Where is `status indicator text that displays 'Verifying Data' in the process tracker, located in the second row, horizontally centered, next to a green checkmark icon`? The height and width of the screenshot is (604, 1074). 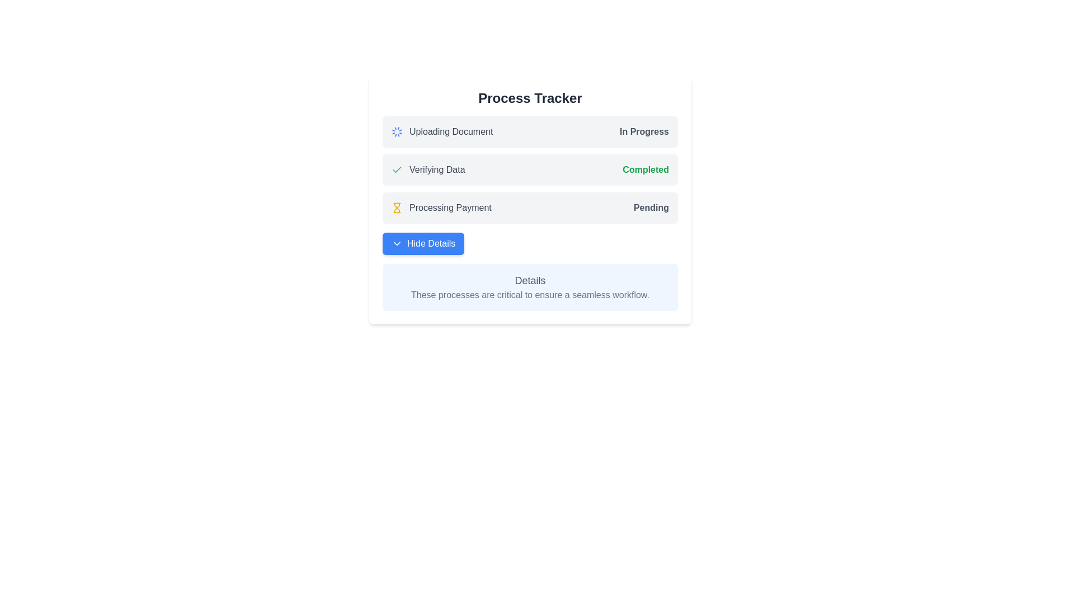
status indicator text that displays 'Verifying Data' in the process tracker, located in the second row, horizontally centered, next to a green checkmark icon is located at coordinates (436, 170).